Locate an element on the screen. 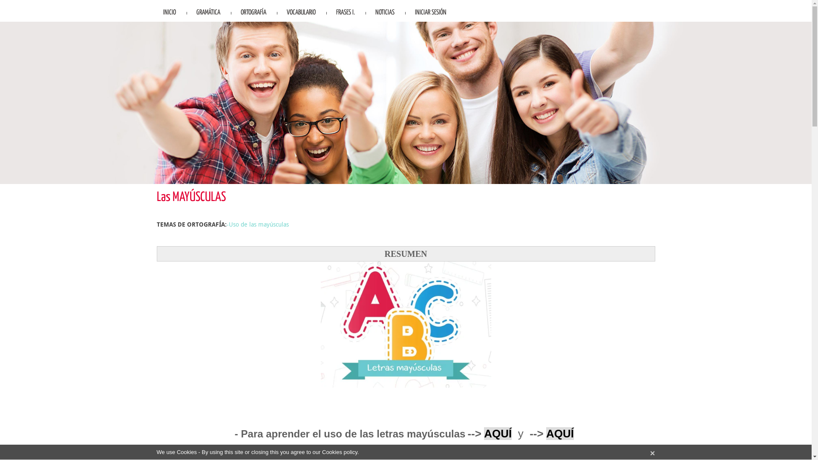  'Skip to navigation' is located at coordinates (24, 0).